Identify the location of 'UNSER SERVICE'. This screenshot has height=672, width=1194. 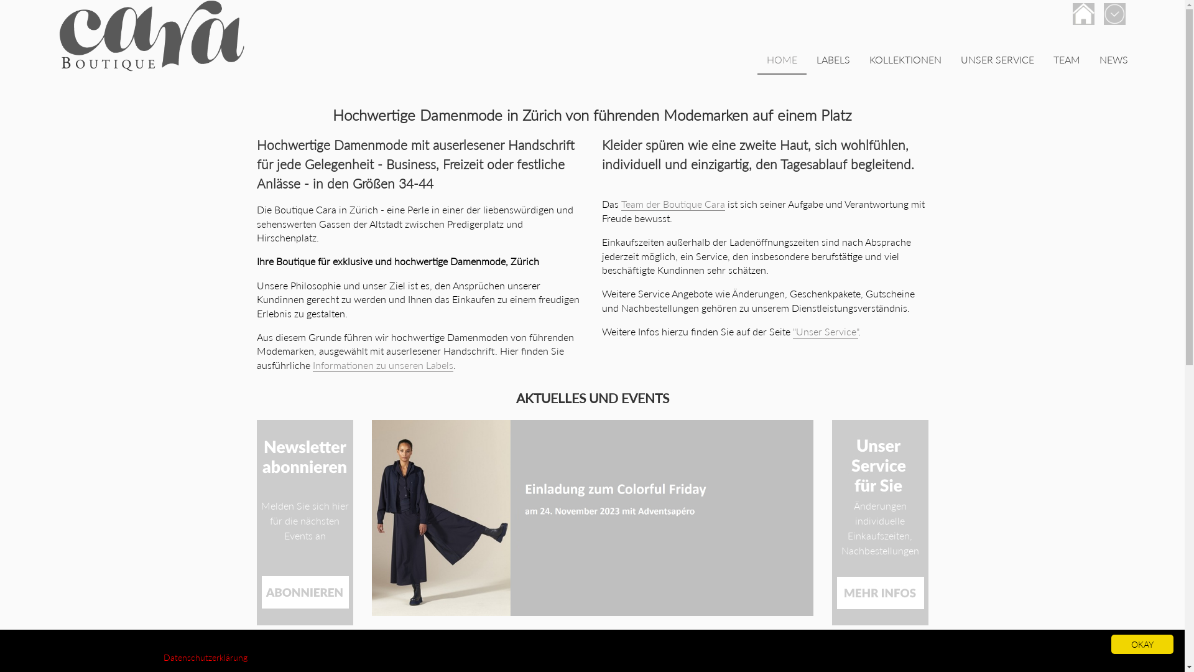
(997, 60).